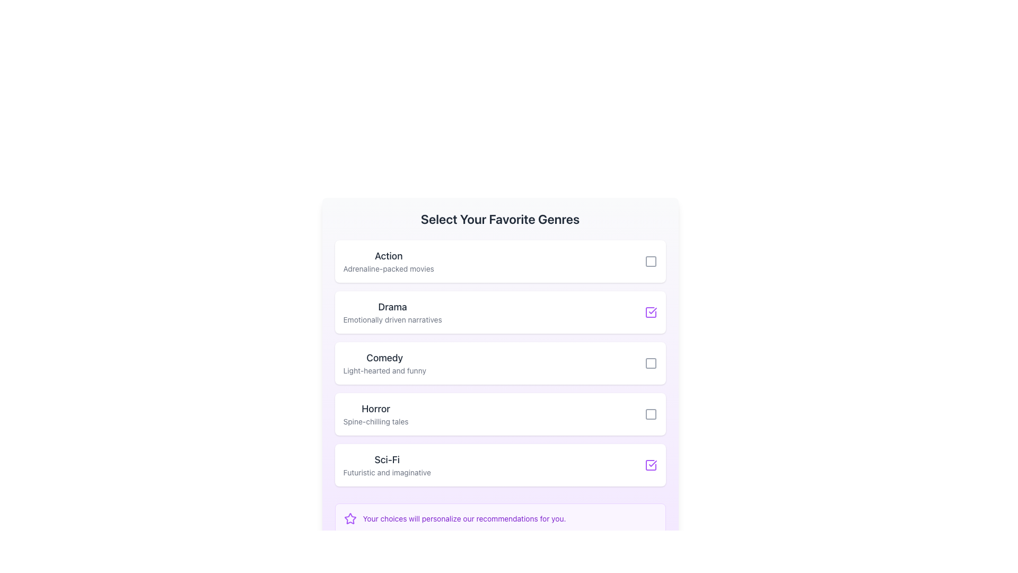  Describe the element at coordinates (384, 358) in the screenshot. I see `the 'Comedy' genre title text label` at that location.